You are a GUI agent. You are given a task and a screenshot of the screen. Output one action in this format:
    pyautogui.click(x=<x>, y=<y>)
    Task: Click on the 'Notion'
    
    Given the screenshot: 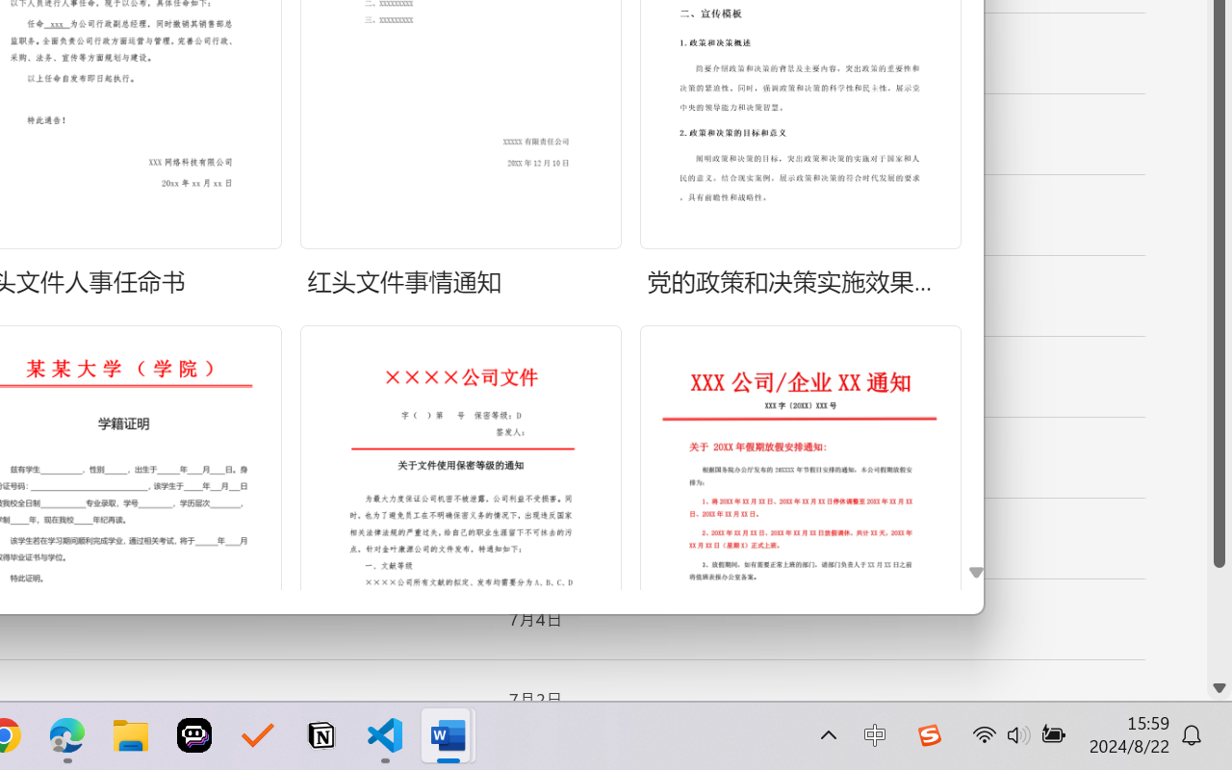 What is the action you would take?
    pyautogui.click(x=321, y=735)
    